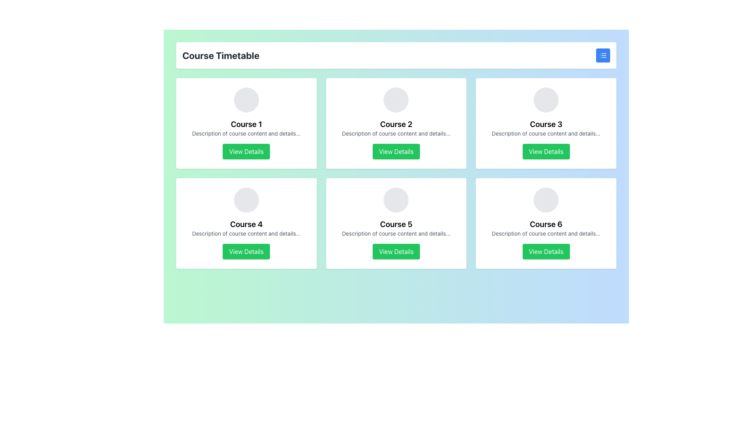 This screenshot has width=750, height=422. Describe the element at coordinates (246, 123) in the screenshot. I see `the 'Course 1' text label, which is a bold text element displayed in large font, located in the top-left card of a grid layout, positioned below an icon and above descriptive text and a button` at that location.